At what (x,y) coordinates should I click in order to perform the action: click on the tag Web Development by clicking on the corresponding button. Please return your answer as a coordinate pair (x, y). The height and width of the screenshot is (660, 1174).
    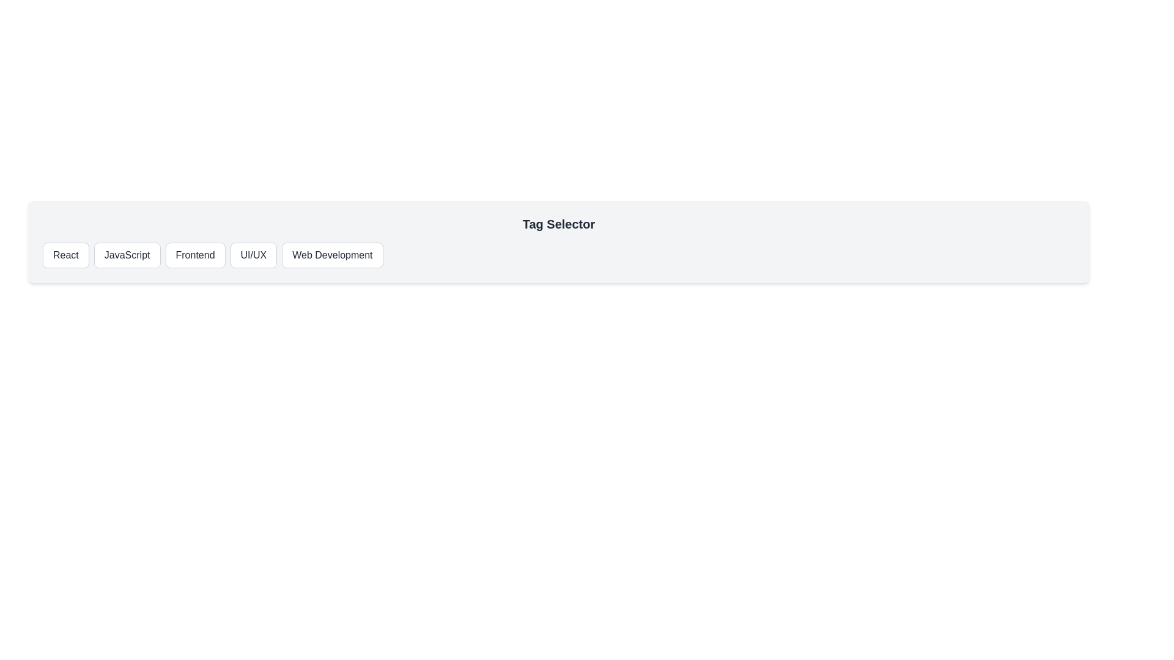
    Looking at the image, I should click on (331, 254).